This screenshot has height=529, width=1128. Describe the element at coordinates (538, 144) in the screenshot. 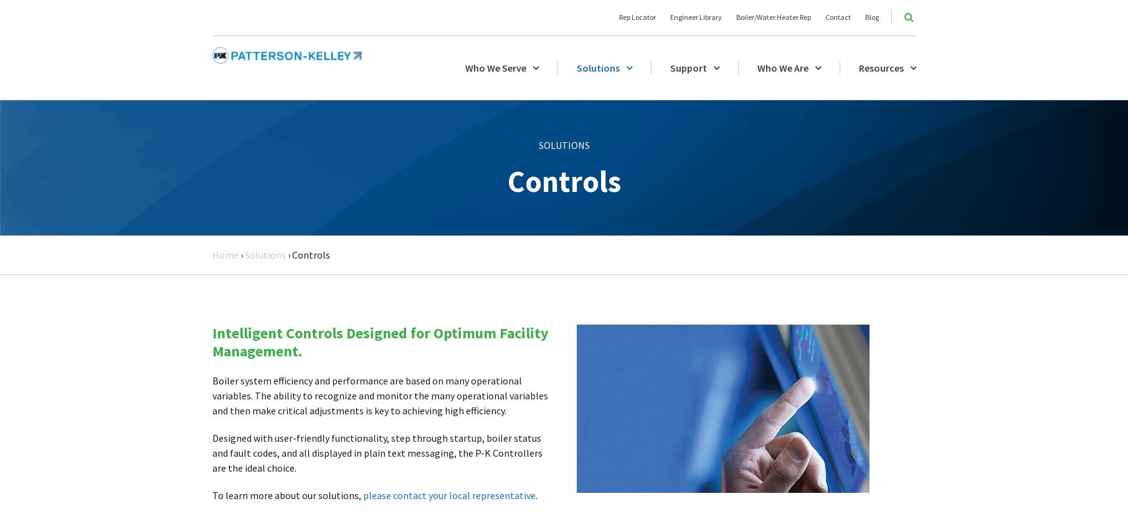

I see `'SOLUTIONS'` at that location.